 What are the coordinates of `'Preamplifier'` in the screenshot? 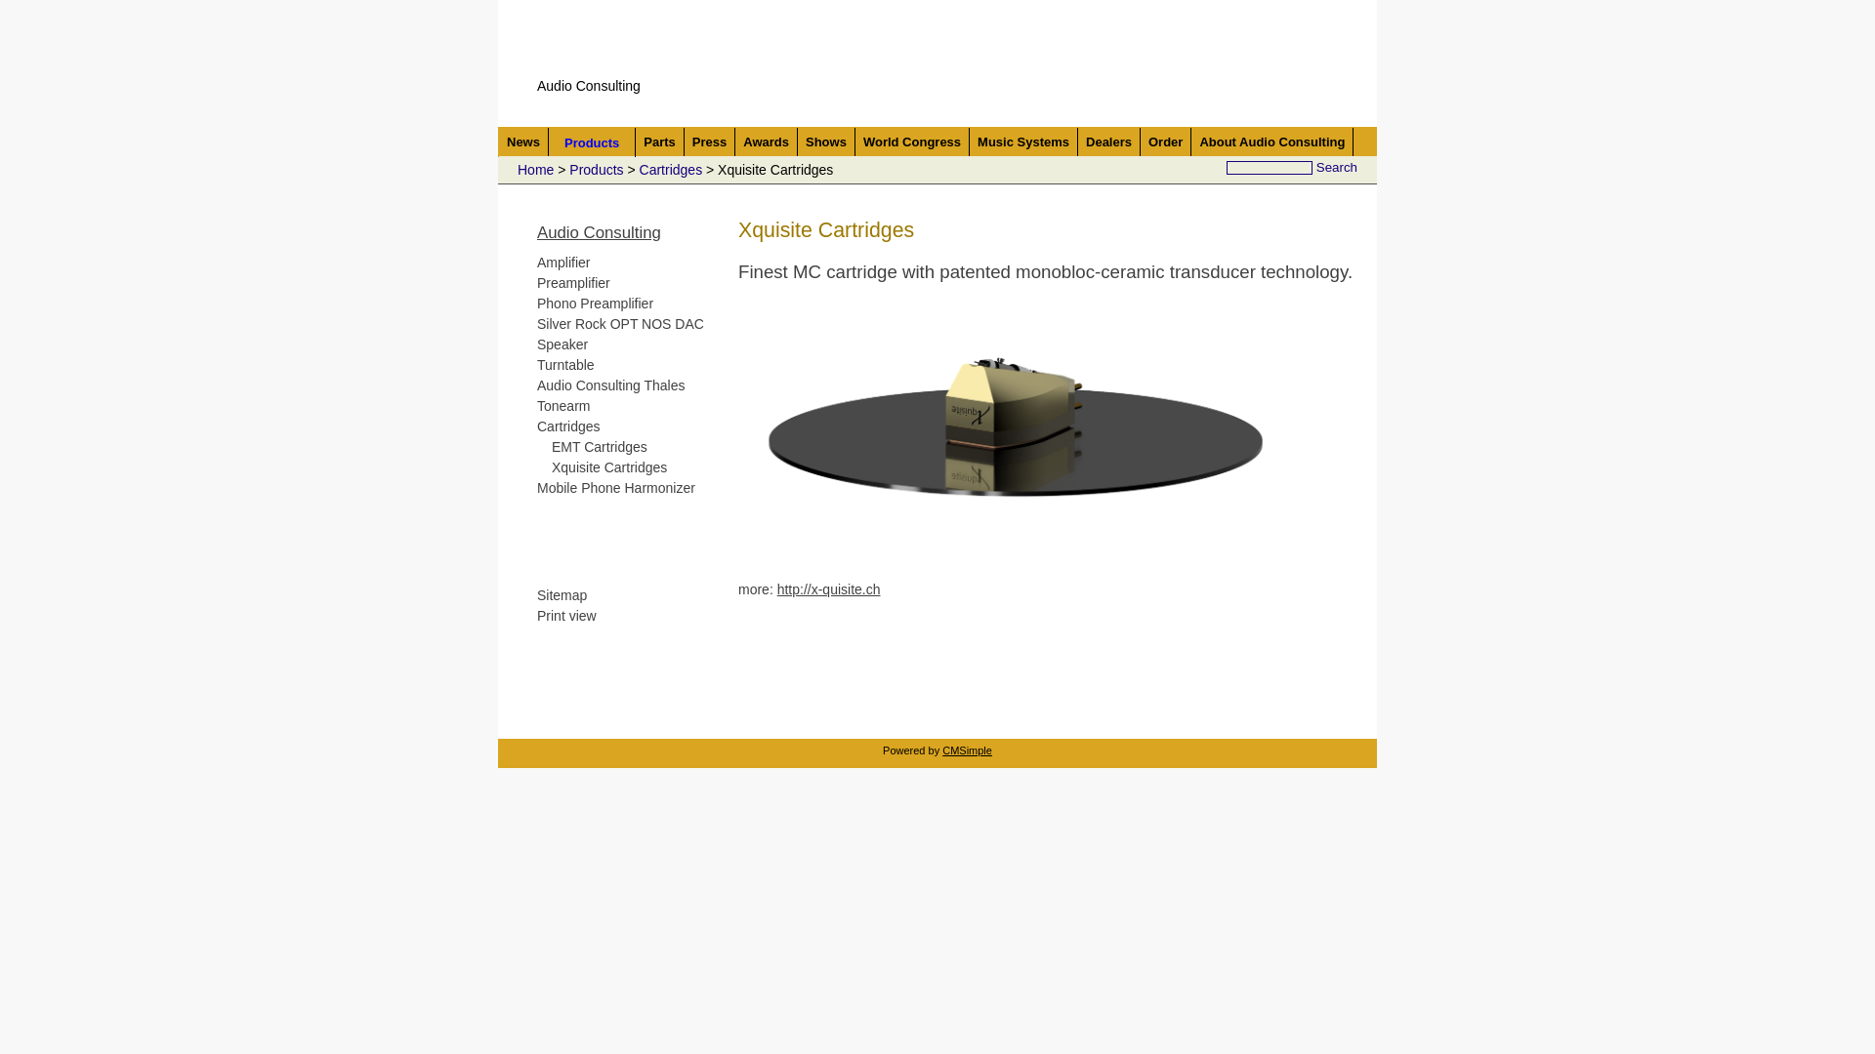 It's located at (572, 282).